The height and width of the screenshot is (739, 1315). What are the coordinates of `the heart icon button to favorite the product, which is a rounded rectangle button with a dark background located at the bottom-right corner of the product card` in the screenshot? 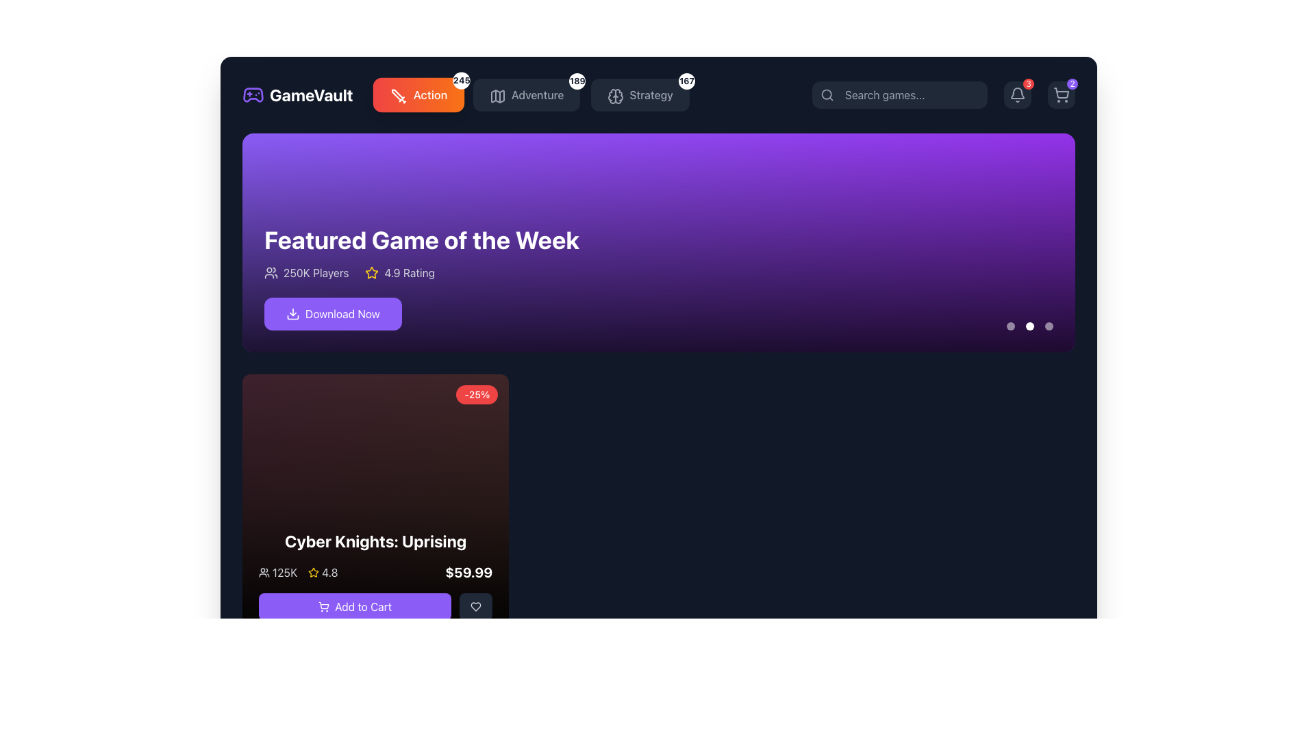 It's located at (476, 606).